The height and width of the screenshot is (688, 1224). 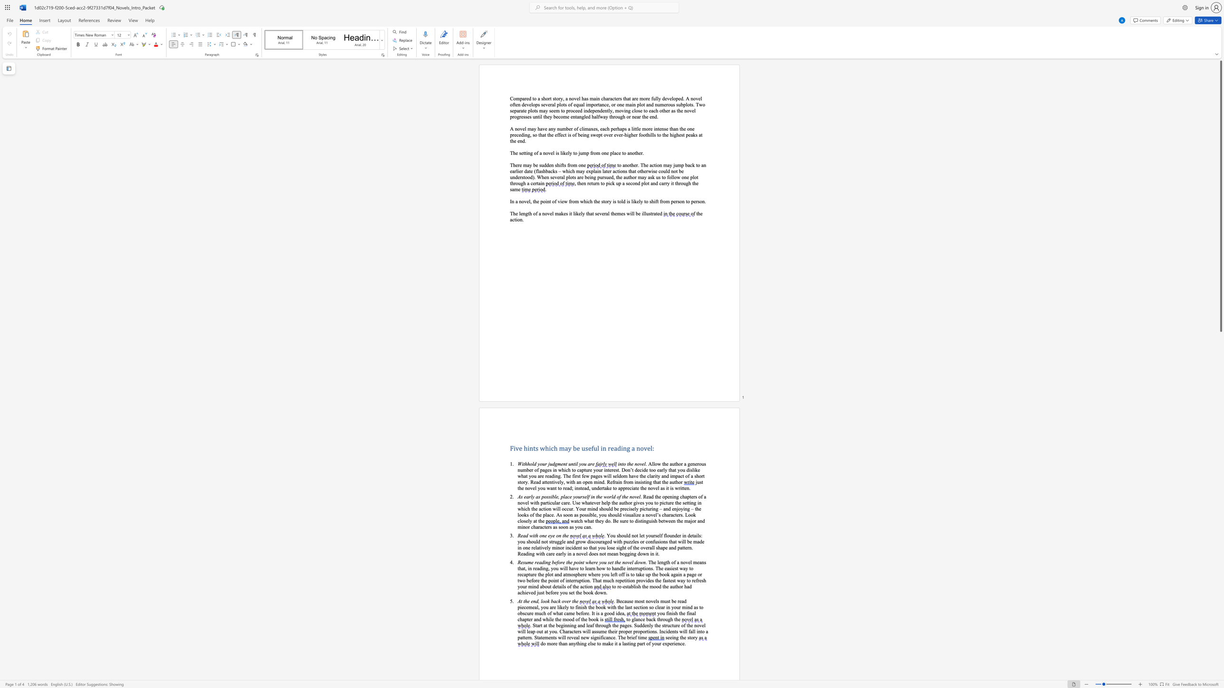 What do you see at coordinates (669, 619) in the screenshot?
I see `the 2th character "g" in the text` at bounding box center [669, 619].